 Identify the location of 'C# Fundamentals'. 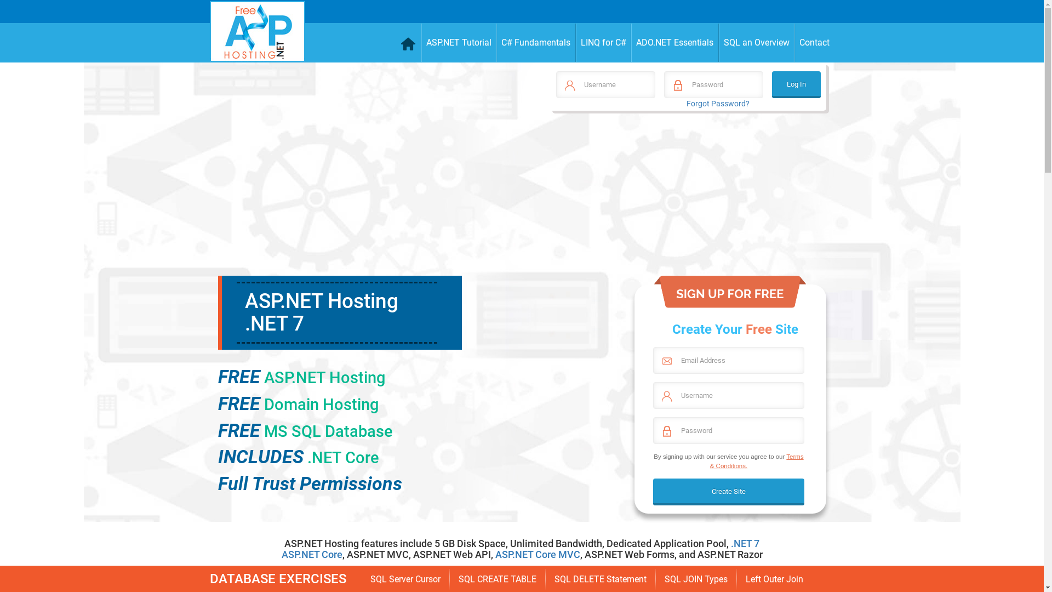
(536, 42).